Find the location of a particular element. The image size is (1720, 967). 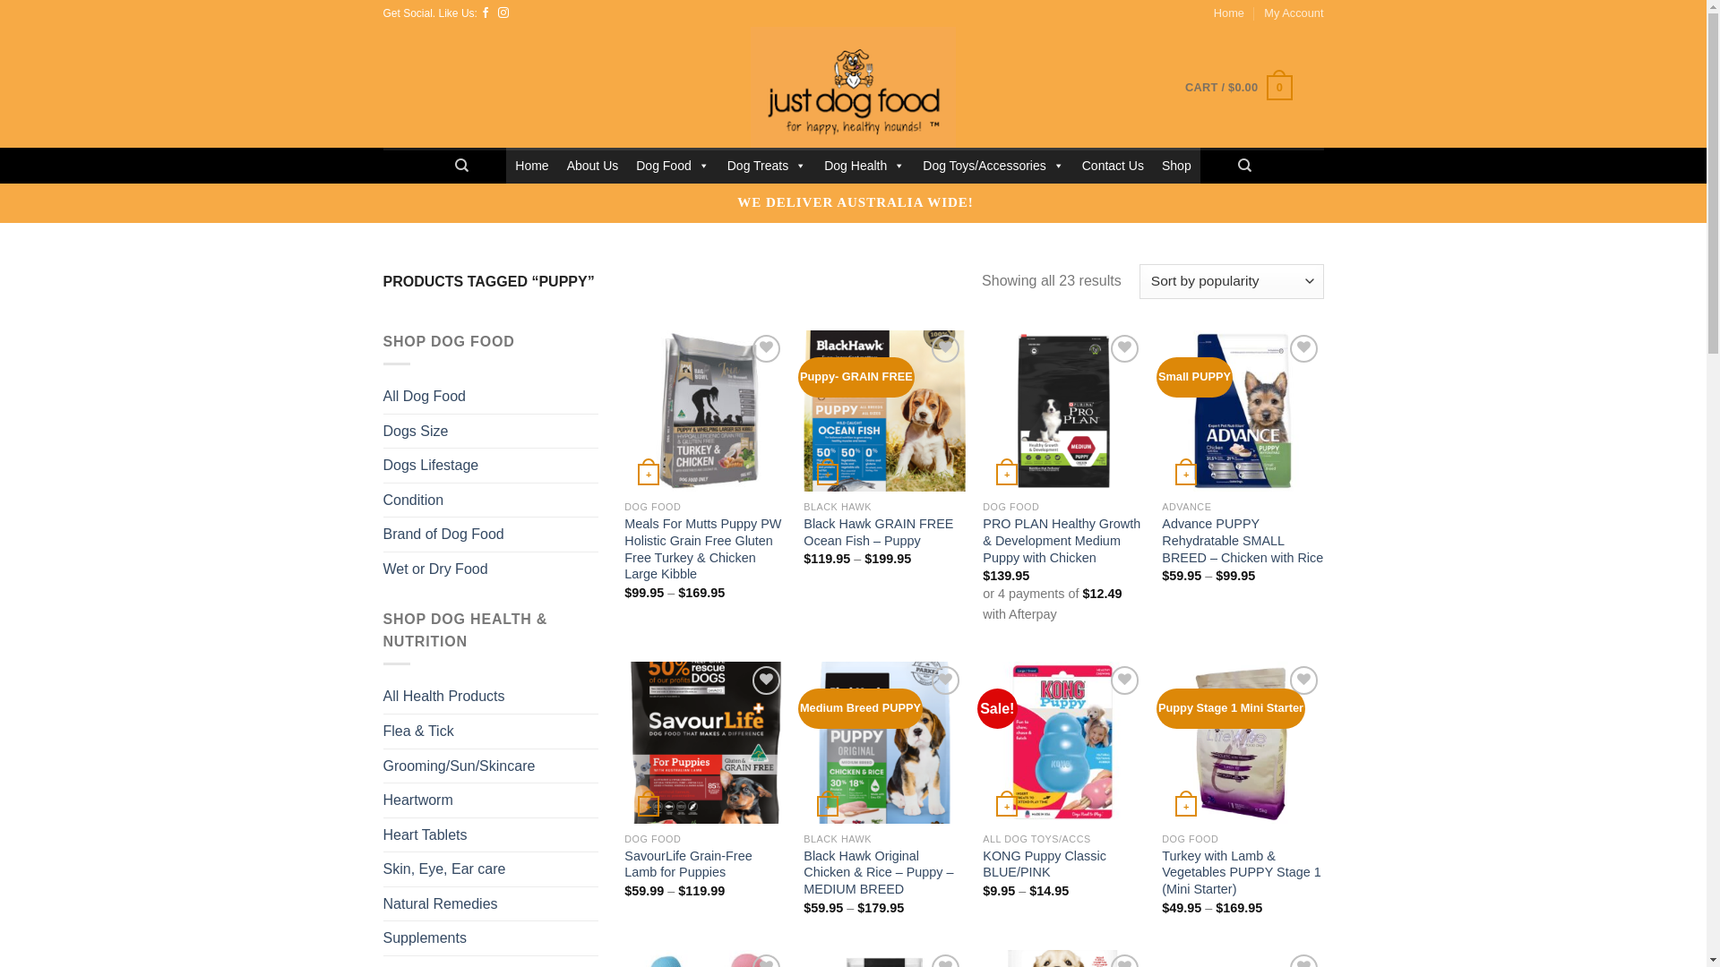

'Heartworm' is located at coordinates (417, 800).